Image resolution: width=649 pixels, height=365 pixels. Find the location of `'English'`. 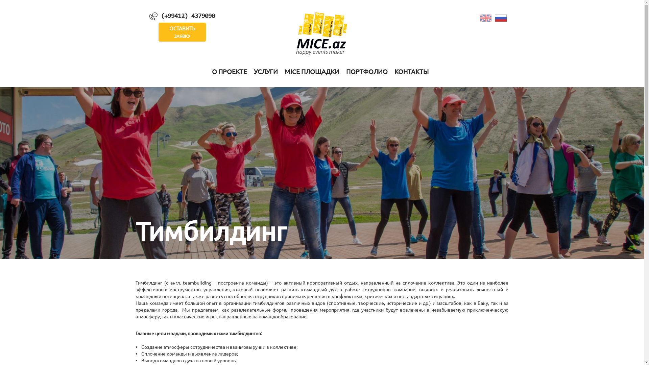

'English' is located at coordinates (485, 17).